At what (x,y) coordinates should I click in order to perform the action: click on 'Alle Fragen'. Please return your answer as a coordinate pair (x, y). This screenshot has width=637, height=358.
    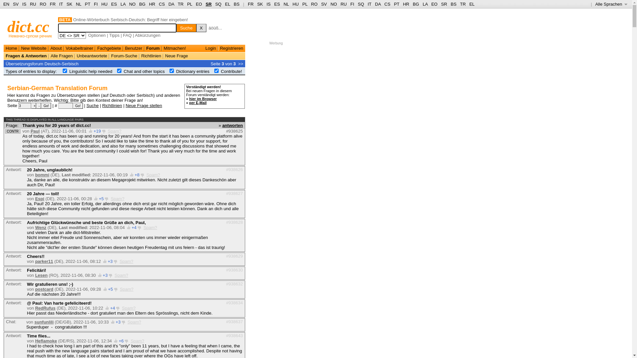
    Looking at the image, I should click on (62, 55).